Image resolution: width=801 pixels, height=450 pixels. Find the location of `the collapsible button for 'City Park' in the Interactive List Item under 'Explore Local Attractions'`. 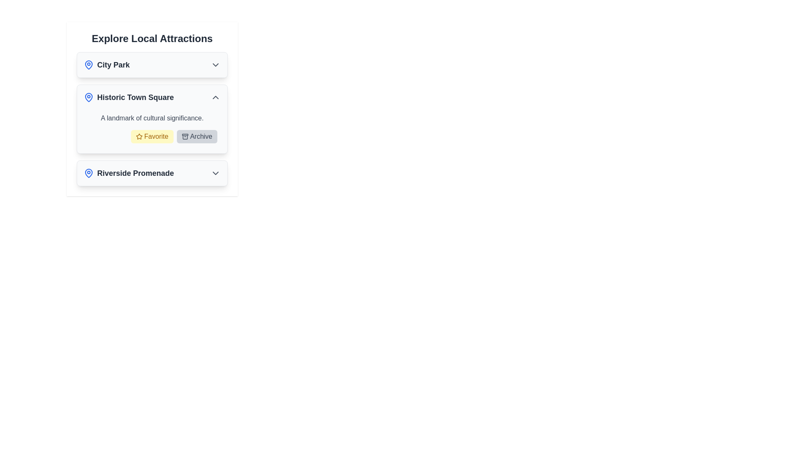

the collapsible button for 'City Park' in the Interactive List Item under 'Explore Local Attractions' is located at coordinates (152, 64).